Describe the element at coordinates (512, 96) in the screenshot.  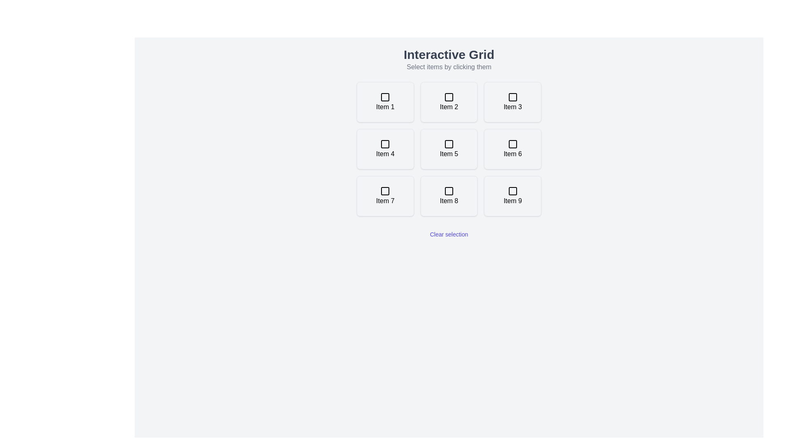
I see `the graphical representation icon located in the third grid item labeled 'Item 3' in the top-right portion of the 3x3 grid layout` at that location.